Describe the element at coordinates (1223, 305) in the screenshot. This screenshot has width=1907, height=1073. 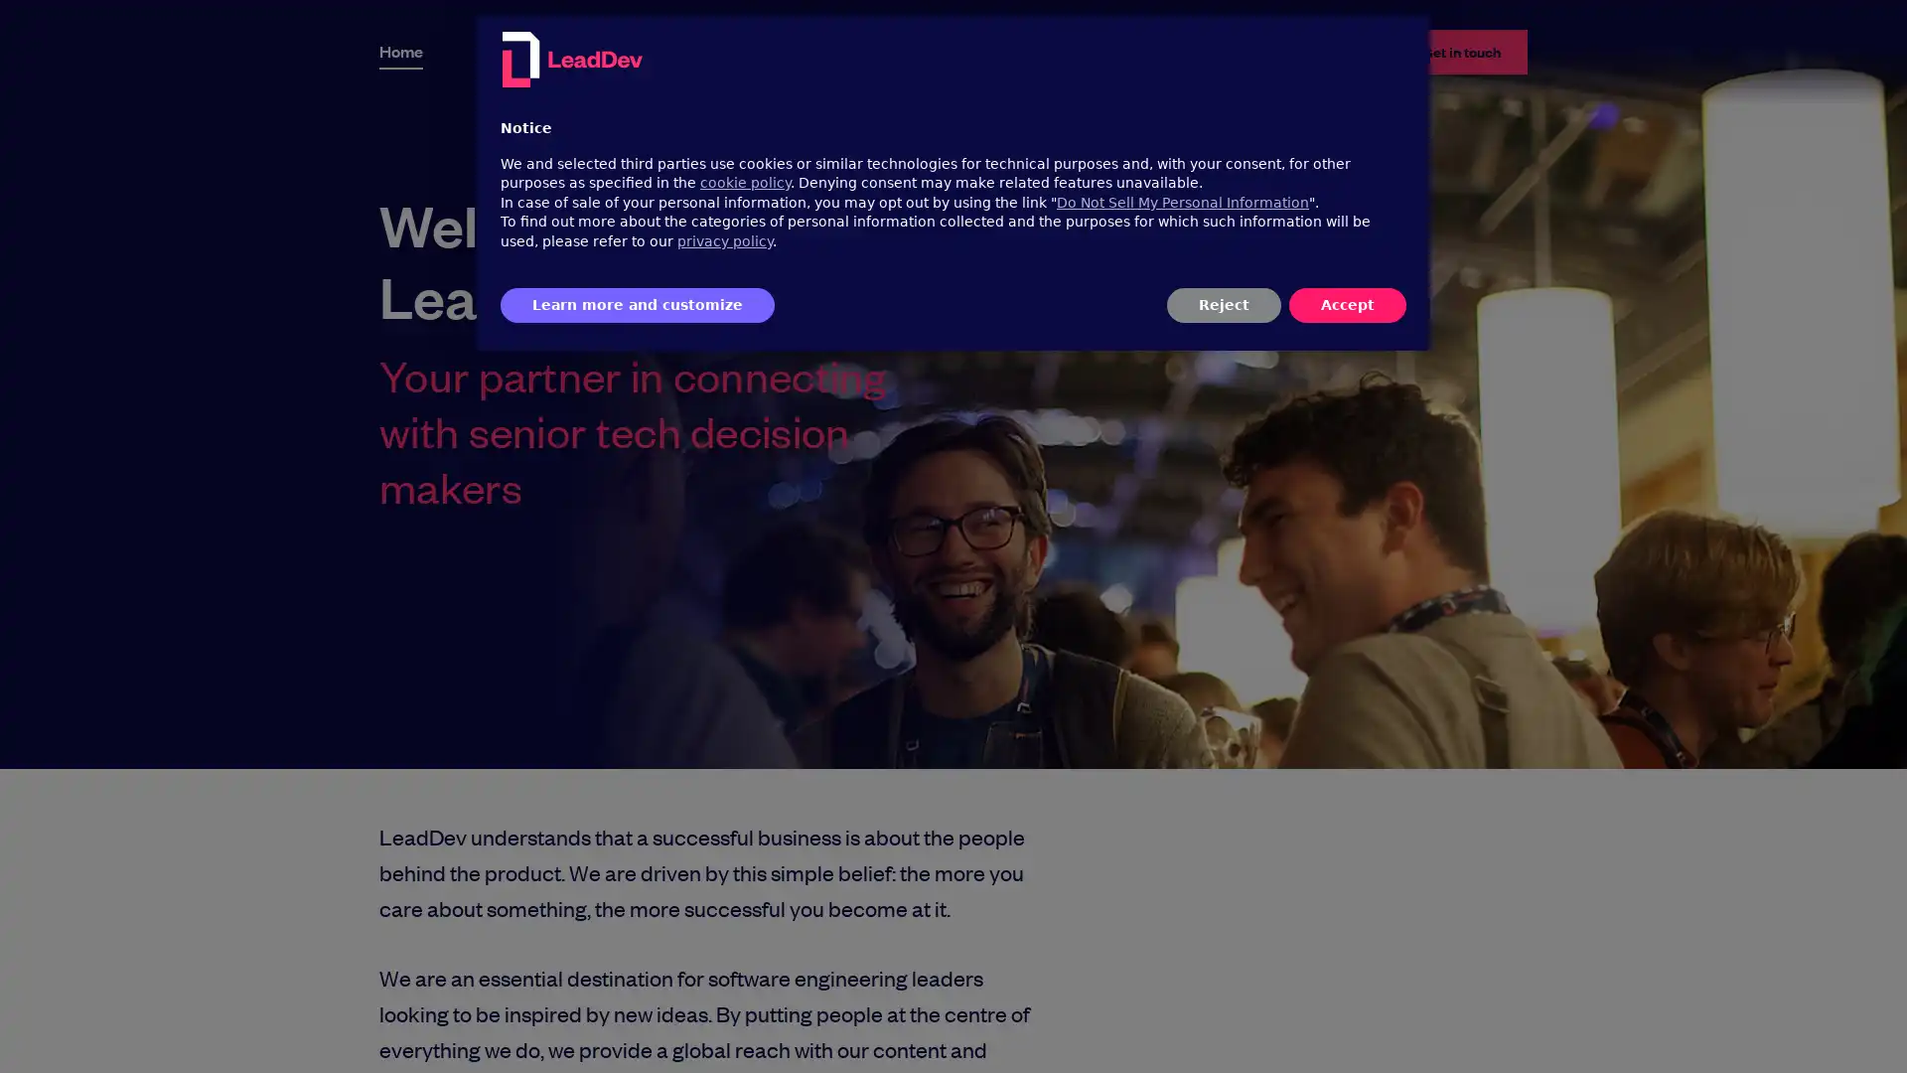
I see `Reject` at that location.